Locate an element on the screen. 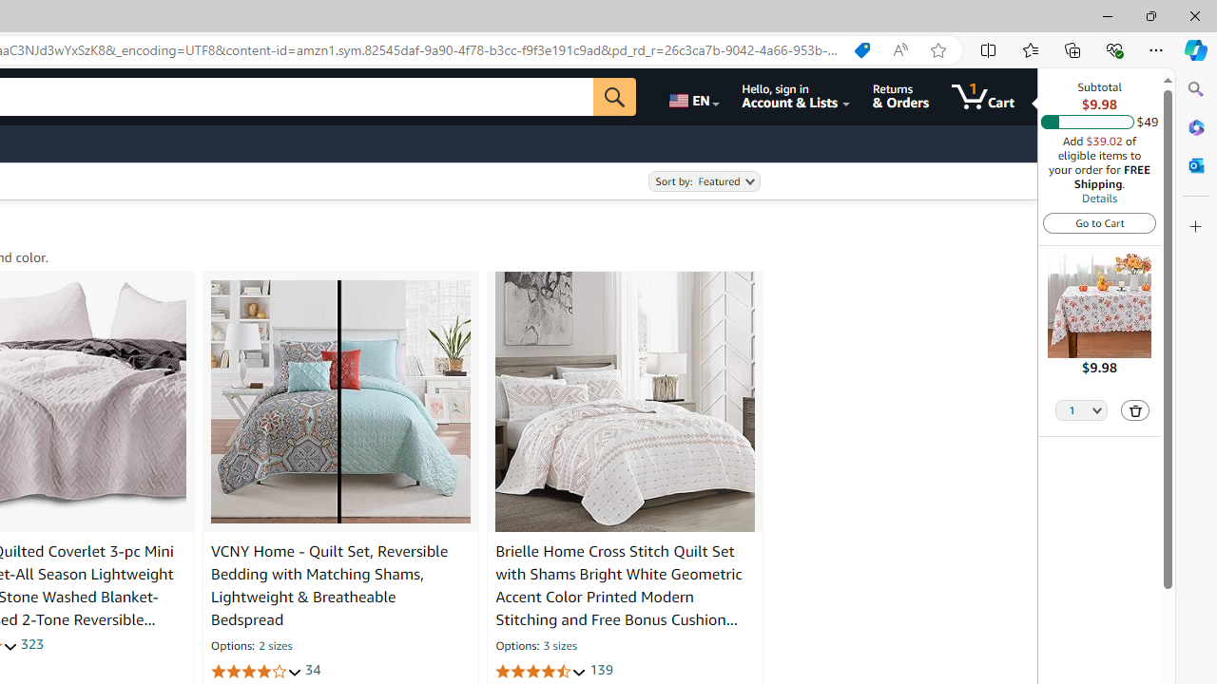  'Shopping in Microsoft Edge' is located at coordinates (860, 49).